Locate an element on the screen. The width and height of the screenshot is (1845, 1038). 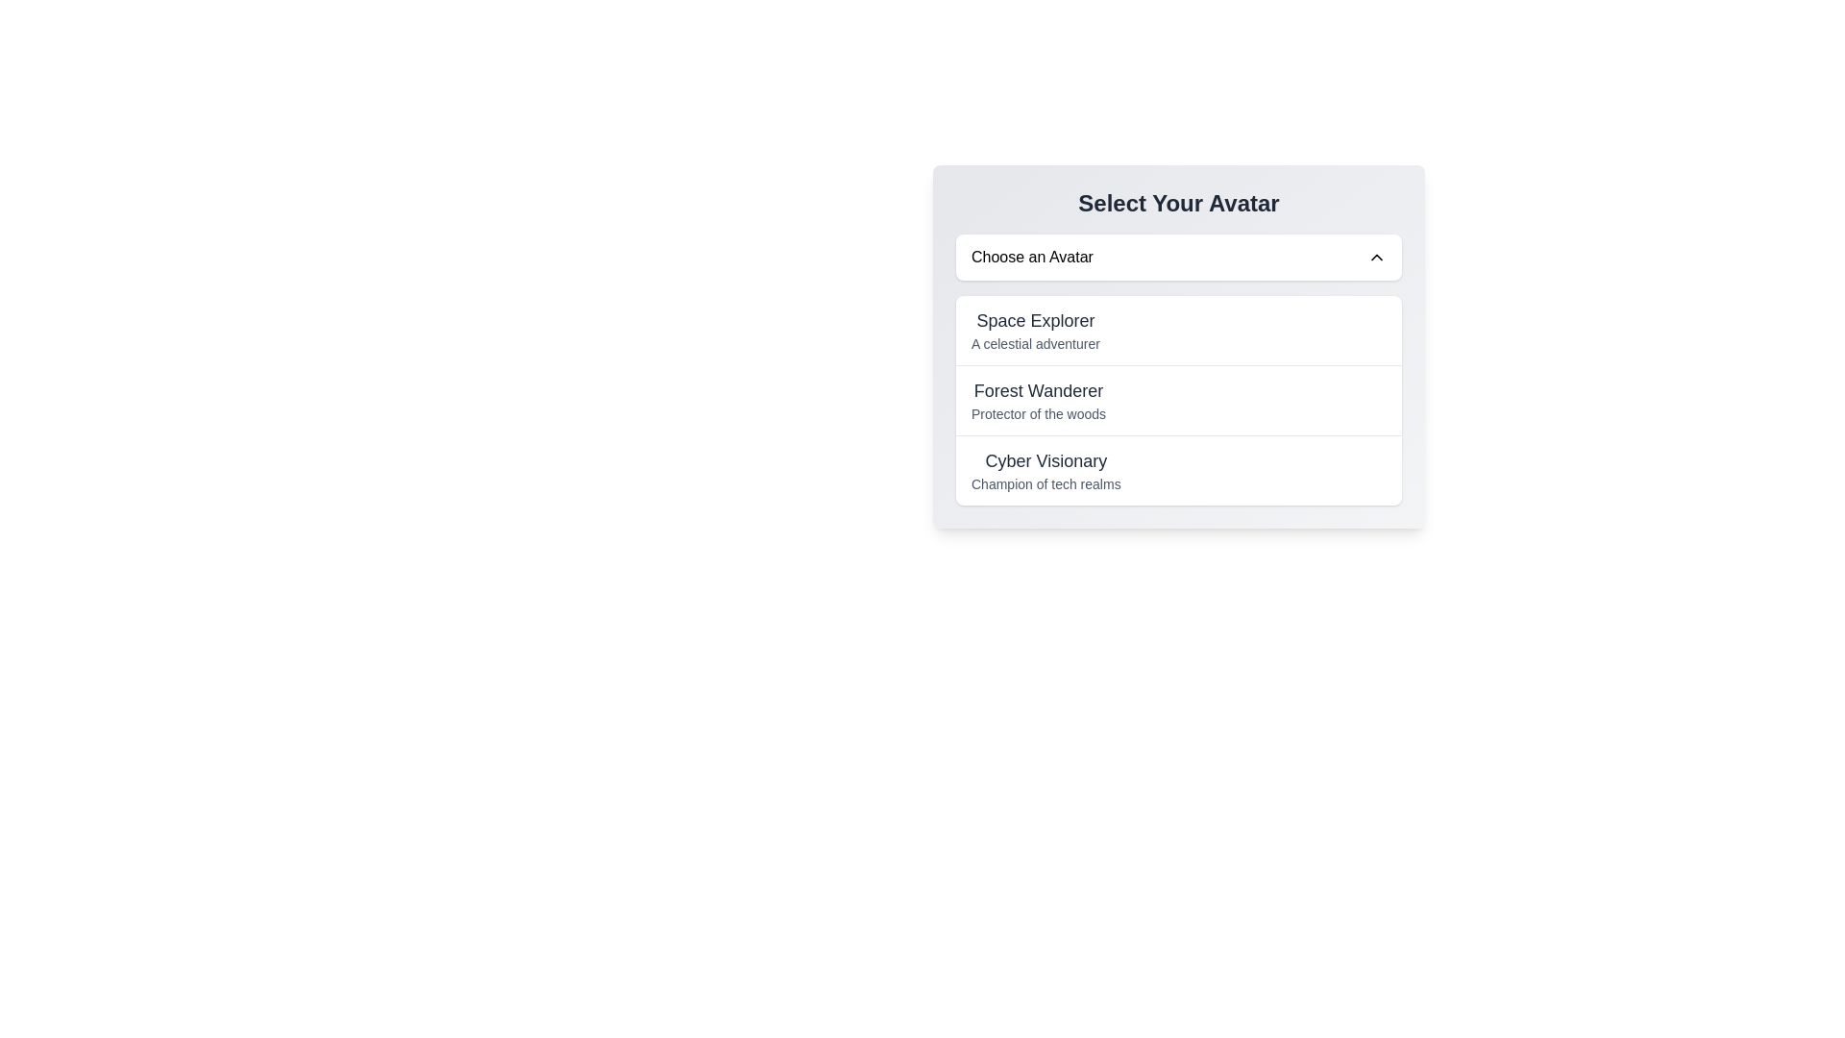
the text label reading 'Protector of the woods', which is styled in a small, gray-colored font and located directly under the 'Forest Wanderer' text in the avatar selection interface is located at coordinates (1037, 413).